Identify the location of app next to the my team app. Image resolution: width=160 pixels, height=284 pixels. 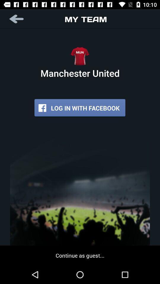
(17, 19).